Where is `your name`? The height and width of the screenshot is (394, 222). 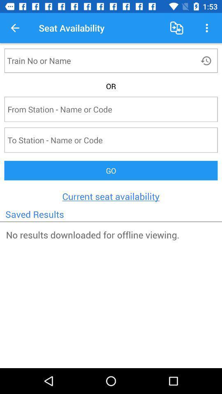 your name is located at coordinates (95, 60).